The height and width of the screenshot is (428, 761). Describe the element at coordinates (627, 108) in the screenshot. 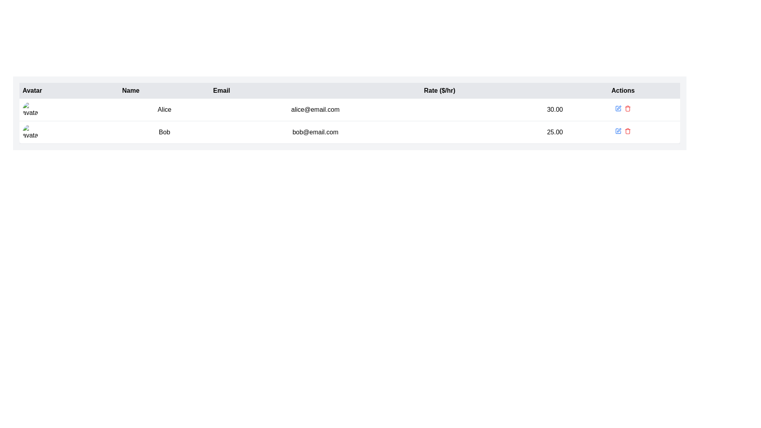

I see `the 'Delete' icon button located in the 'Actions' column of the second row of the table` at that location.